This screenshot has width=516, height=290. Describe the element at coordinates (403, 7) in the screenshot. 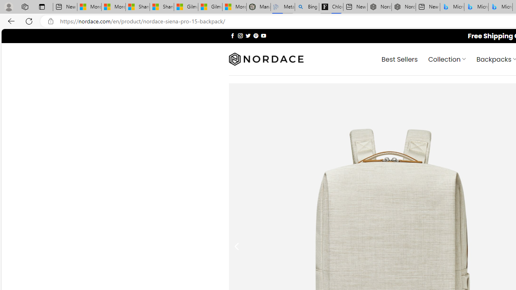

I see `'Nordace - #1 Japanese Best-Seller - Siena Smart Backpack'` at that location.